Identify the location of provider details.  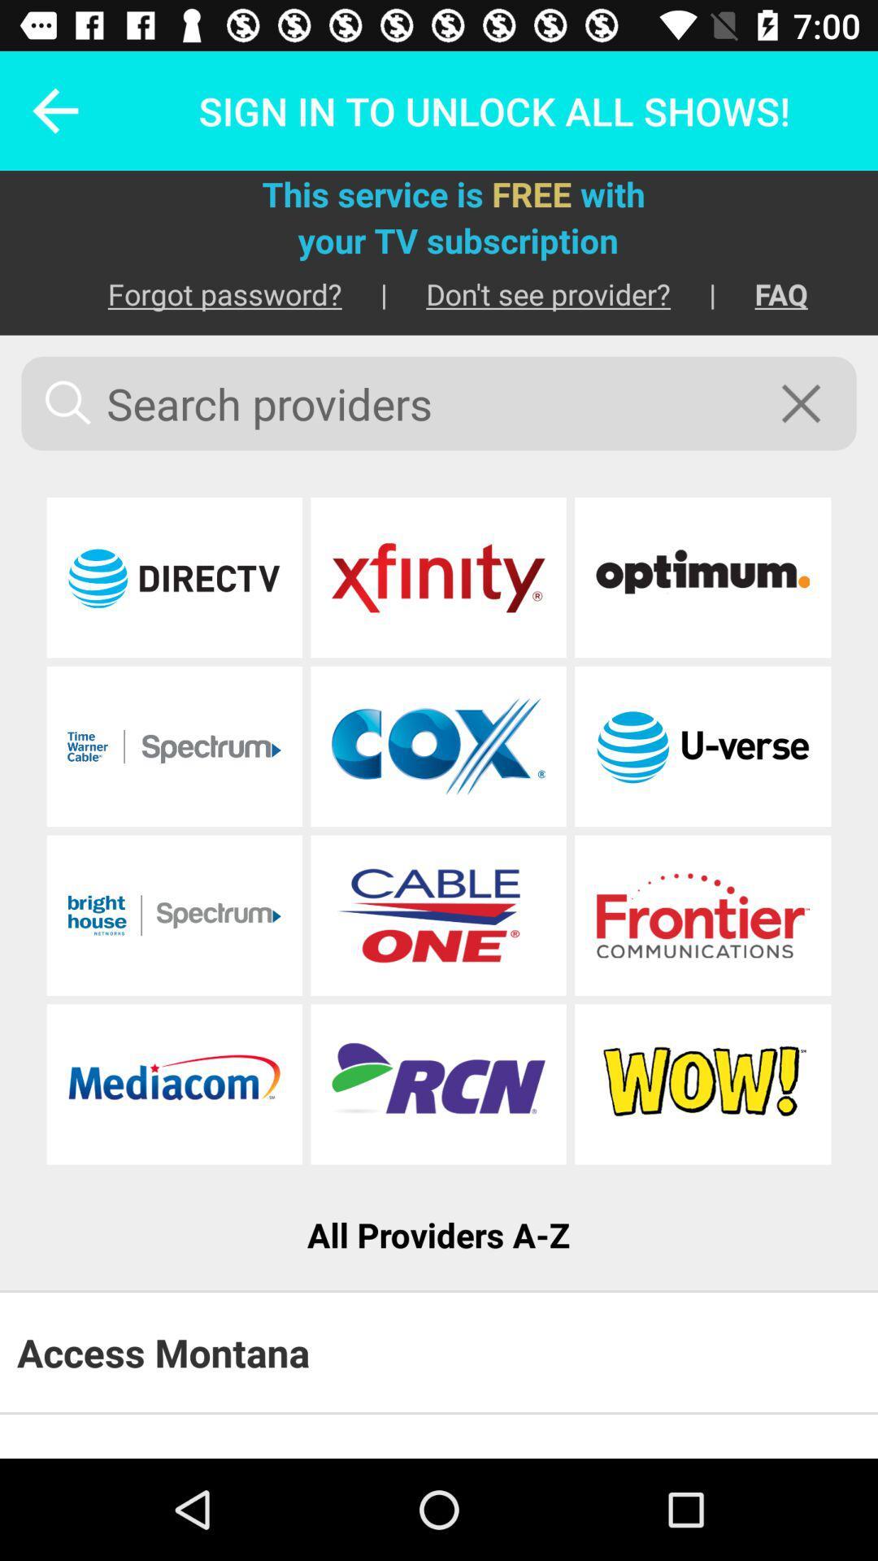
(437, 915).